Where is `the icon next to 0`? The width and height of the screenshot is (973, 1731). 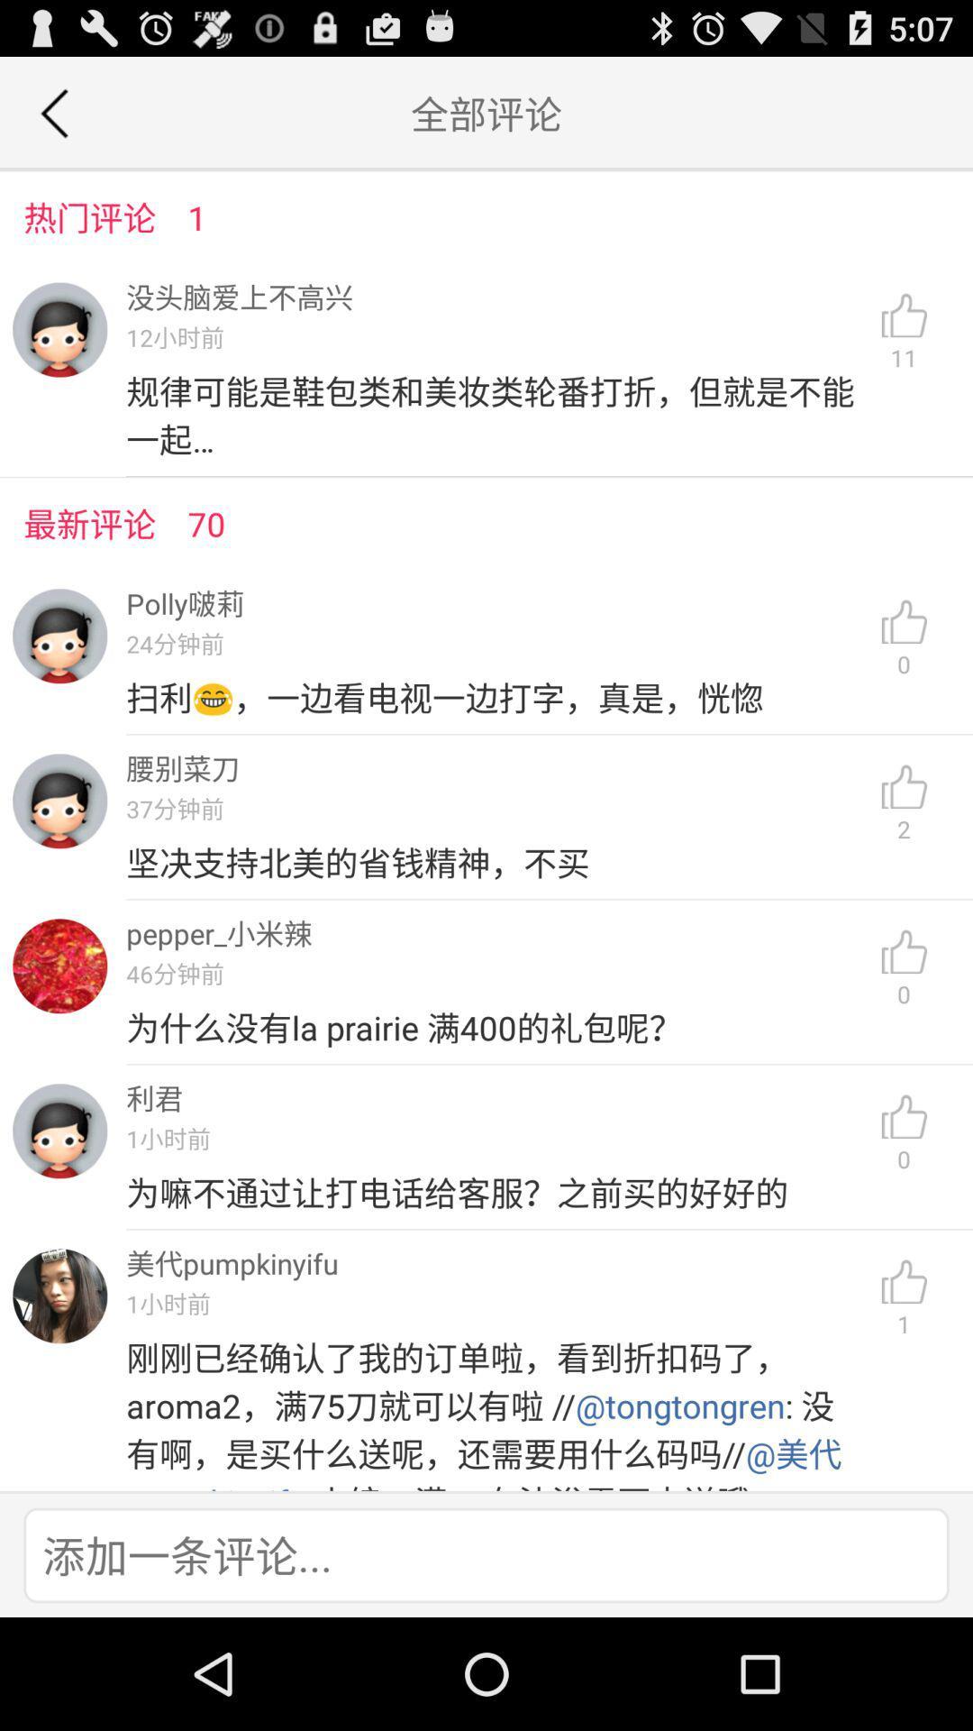
the icon next to 0 is located at coordinates (496, 1028).